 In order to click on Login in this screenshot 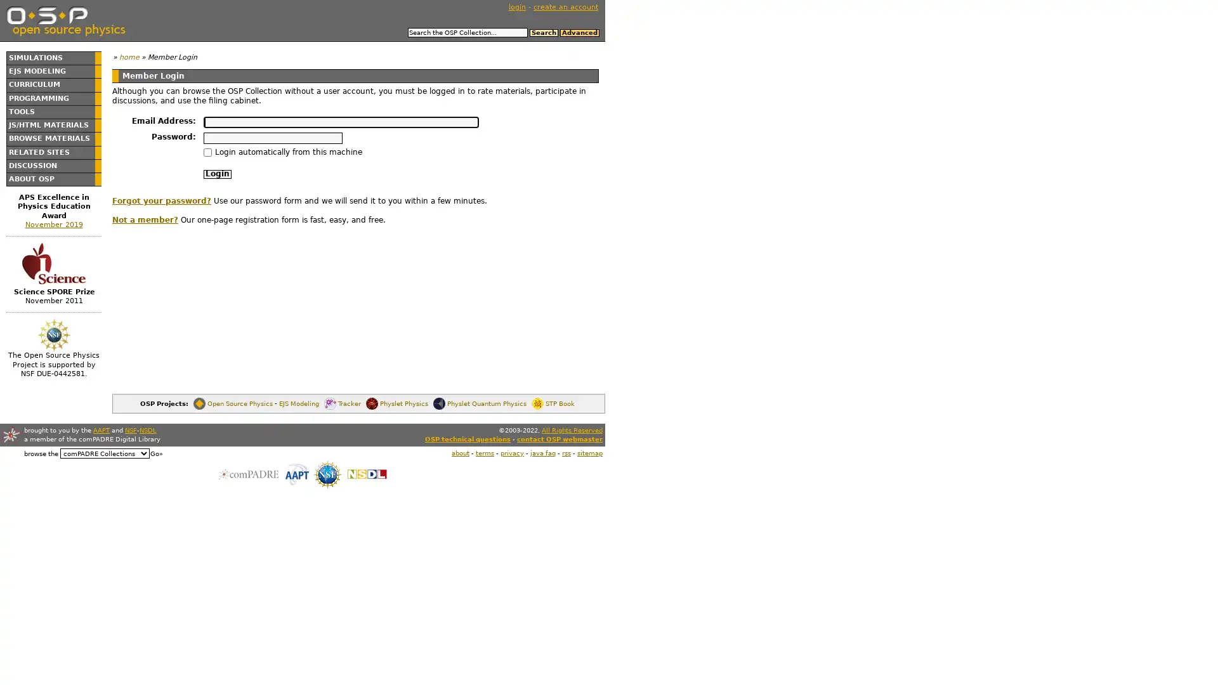, I will do `click(217, 174)`.